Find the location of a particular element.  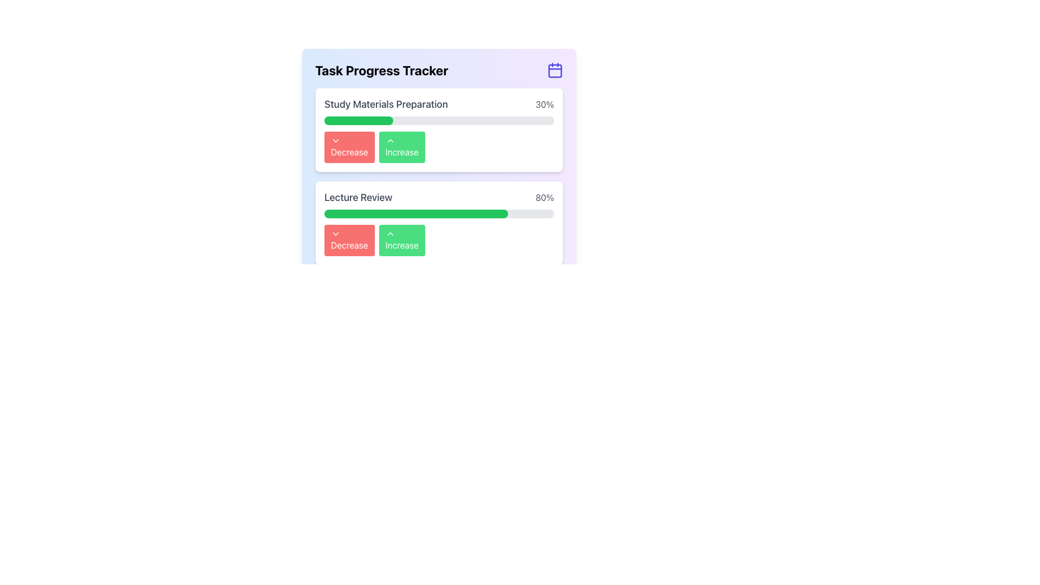

the calendar icon in the header section of 'Task Progress Tracker' is located at coordinates (555, 70).